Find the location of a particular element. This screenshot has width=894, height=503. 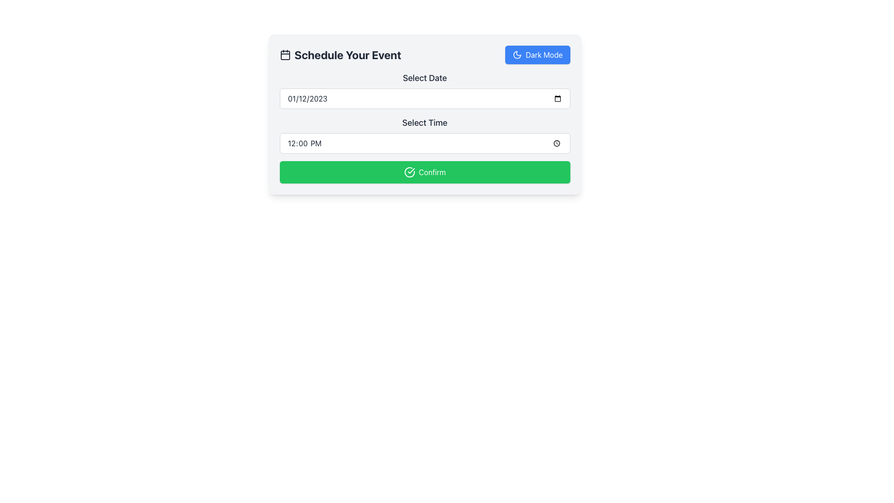

the dark mode toggle button that contains the crescent moon-shaped SVG graphic is located at coordinates (517, 55).